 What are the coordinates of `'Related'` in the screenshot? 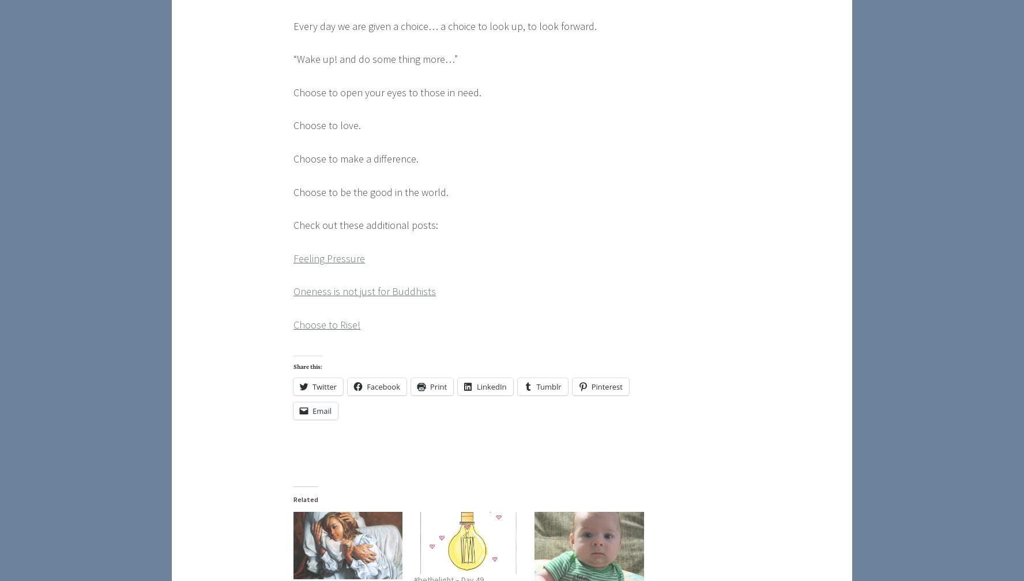 It's located at (306, 499).